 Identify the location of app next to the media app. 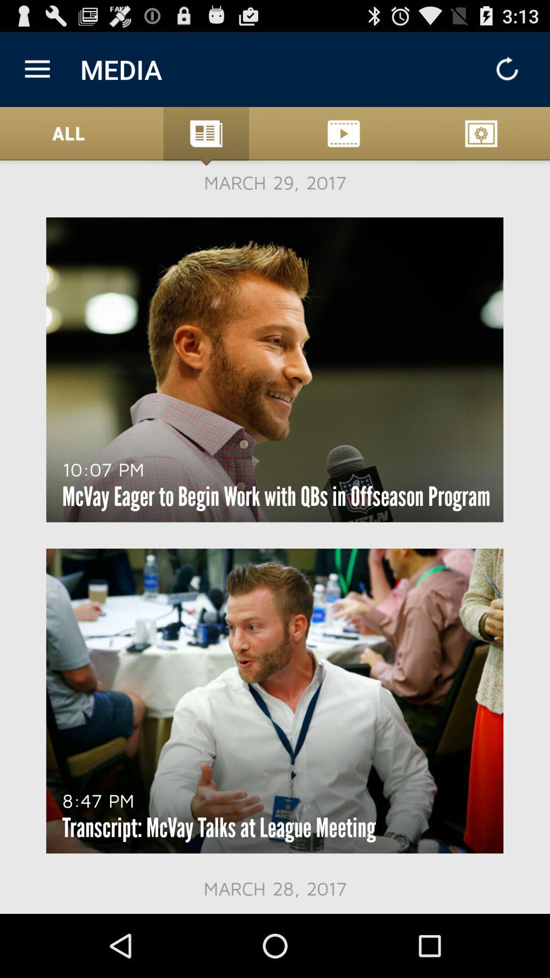
(37, 69).